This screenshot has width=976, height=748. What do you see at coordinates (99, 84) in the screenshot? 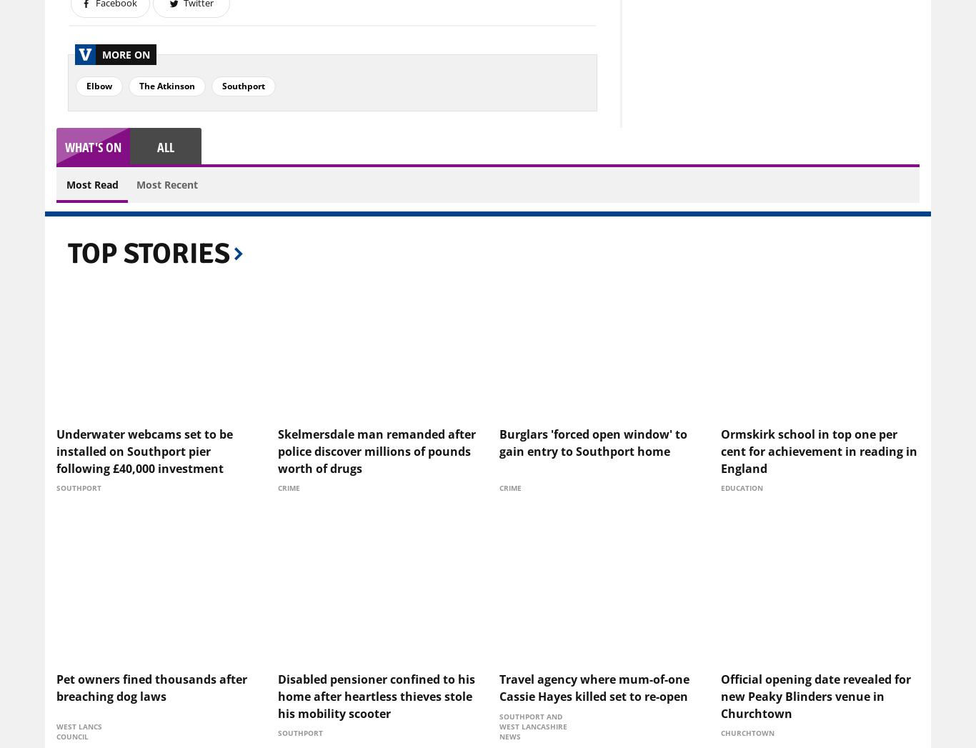
I see `'Elbow'` at bounding box center [99, 84].